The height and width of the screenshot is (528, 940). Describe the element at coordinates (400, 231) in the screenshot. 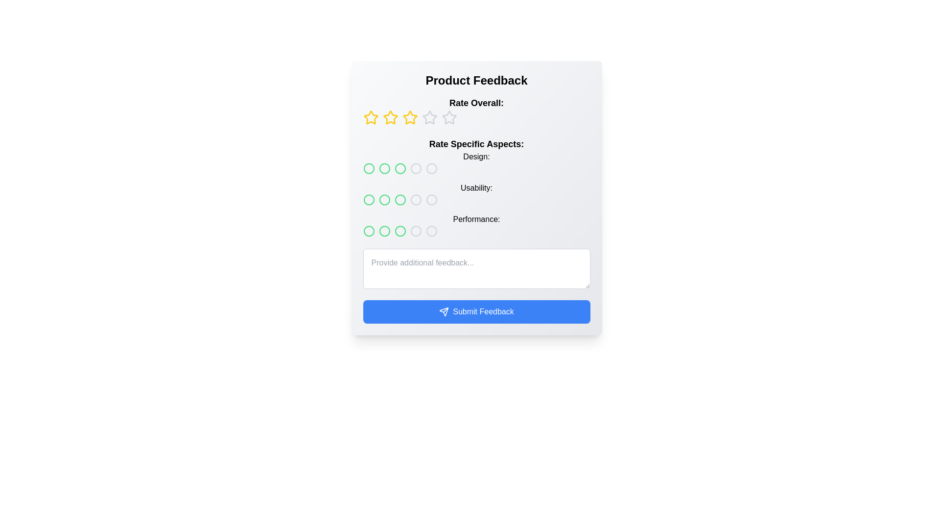

I see `the fifth circular radio button styled with a green hue in the 'Rate Specific Aspects' section of the feedback form` at that location.